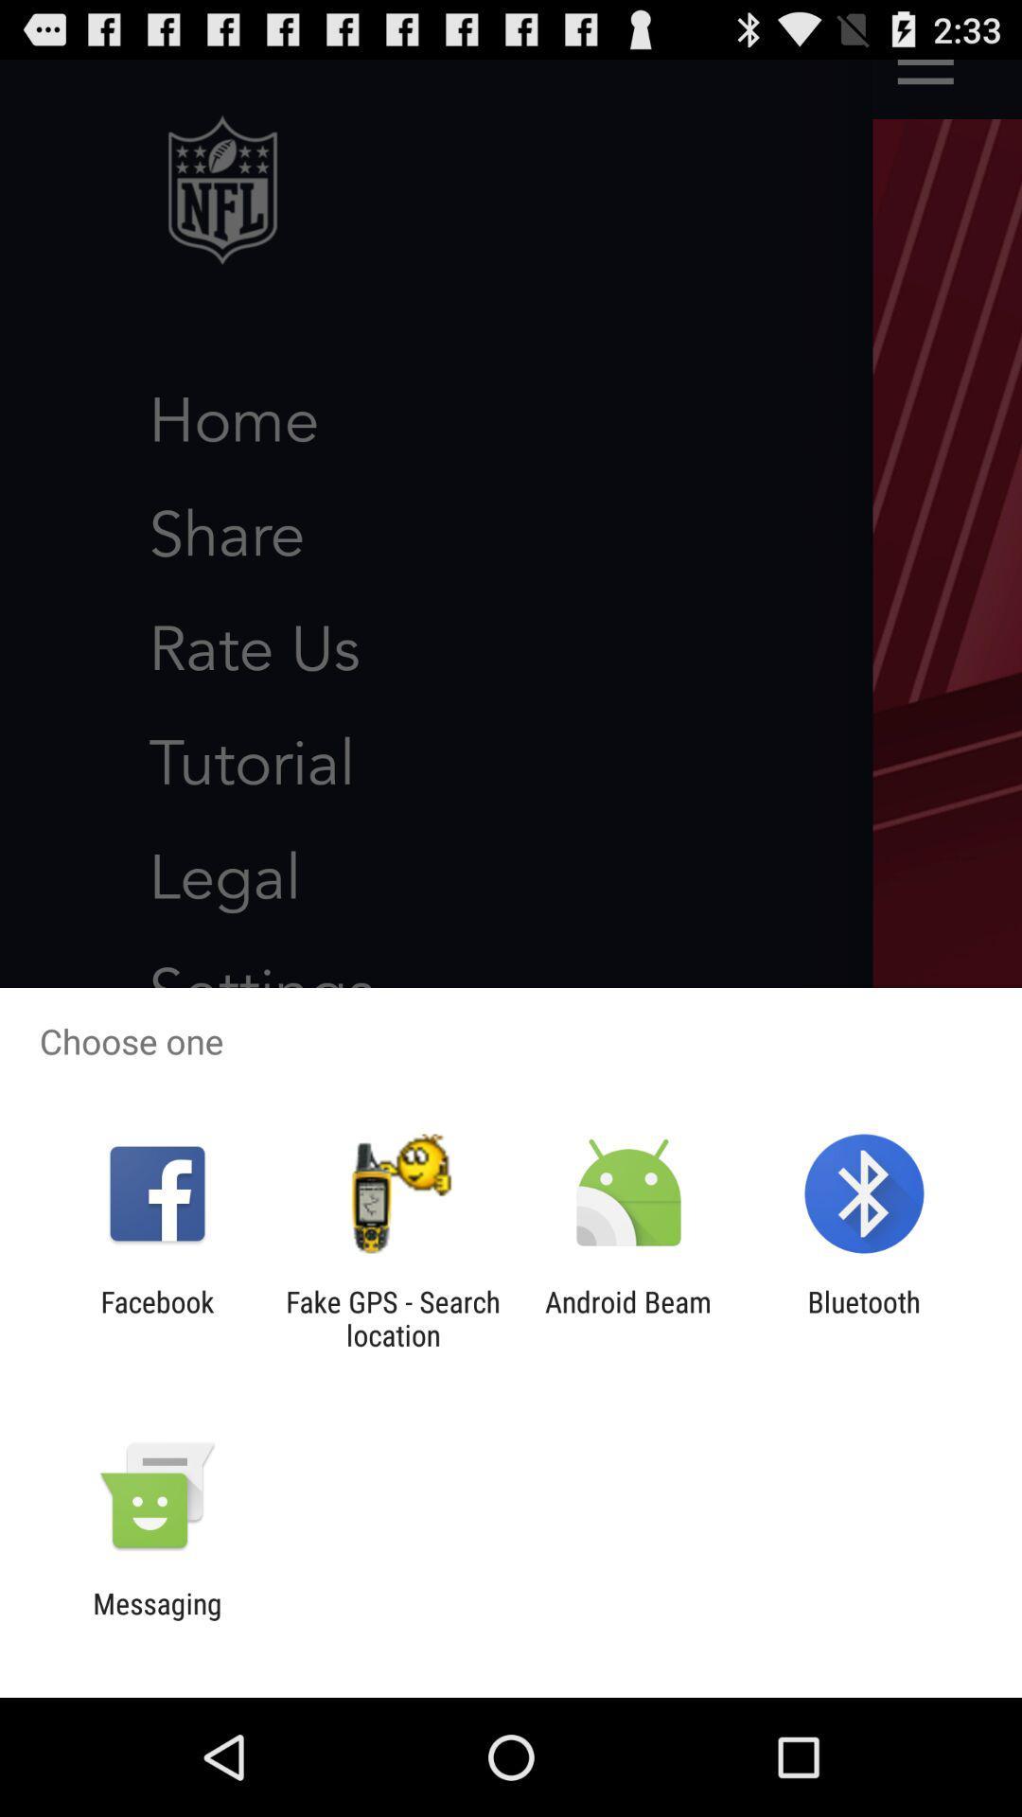  Describe the element at coordinates (864, 1317) in the screenshot. I see `app next to the android beam icon` at that location.